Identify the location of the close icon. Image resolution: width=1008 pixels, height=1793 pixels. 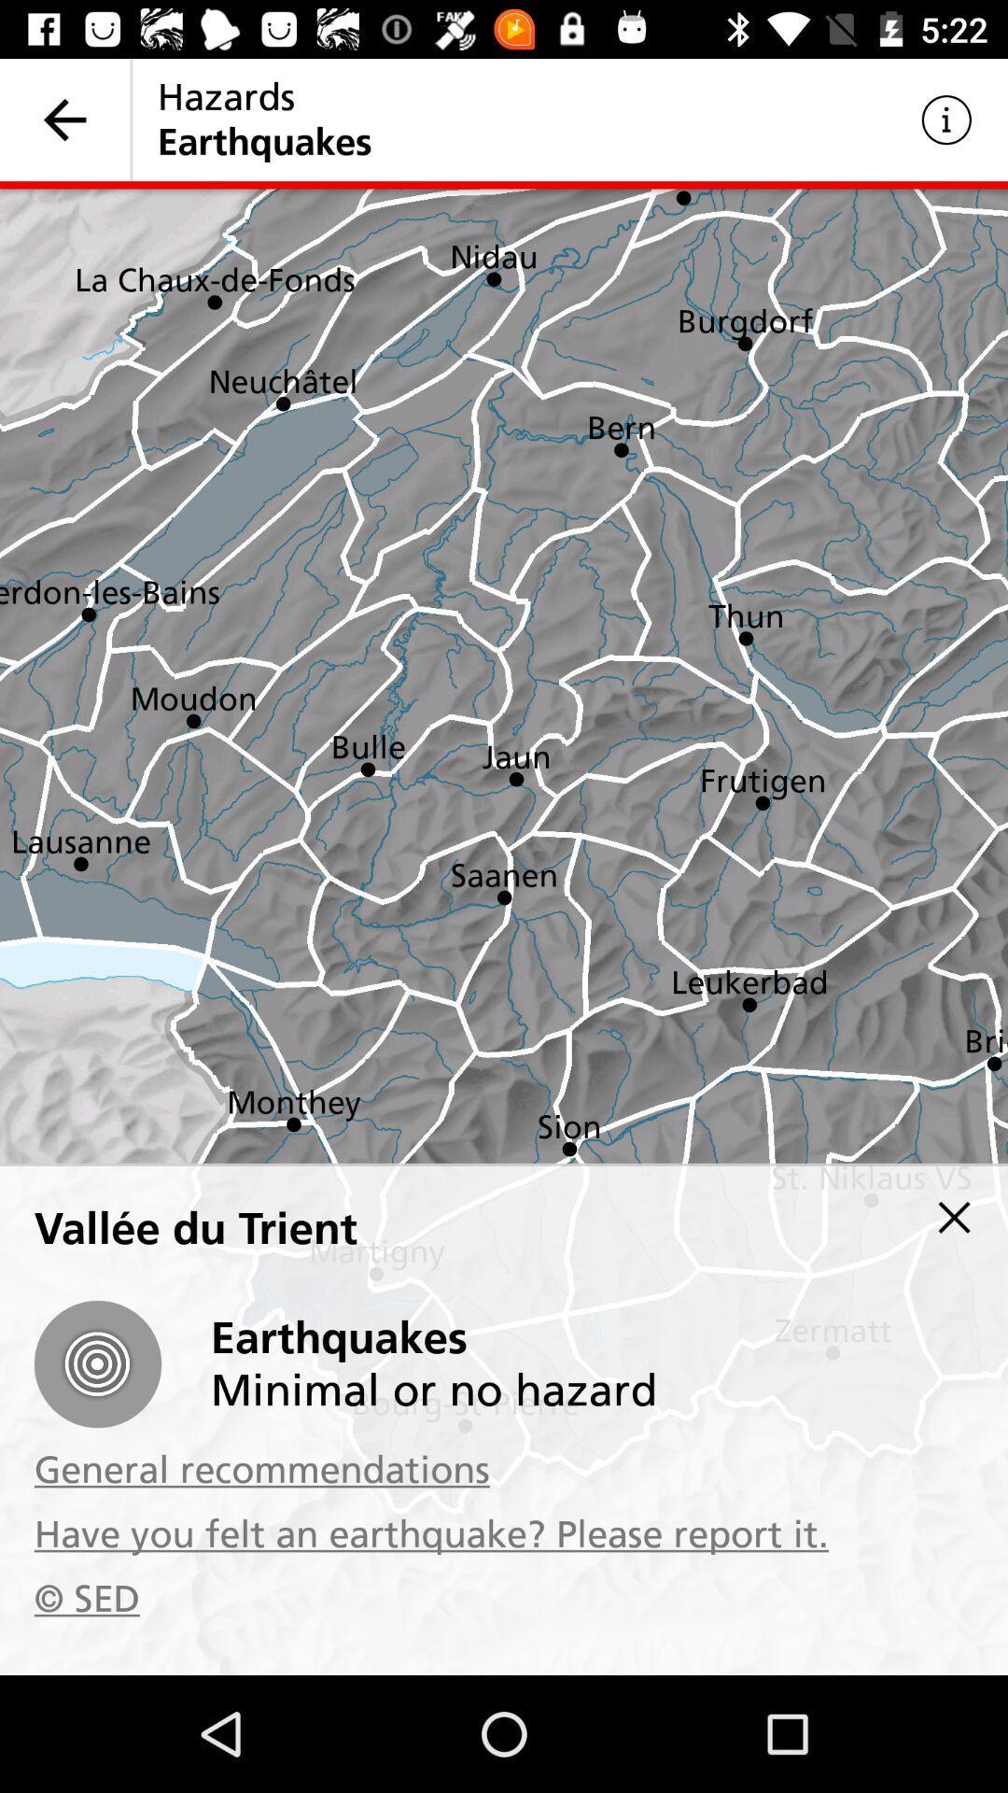
(954, 1217).